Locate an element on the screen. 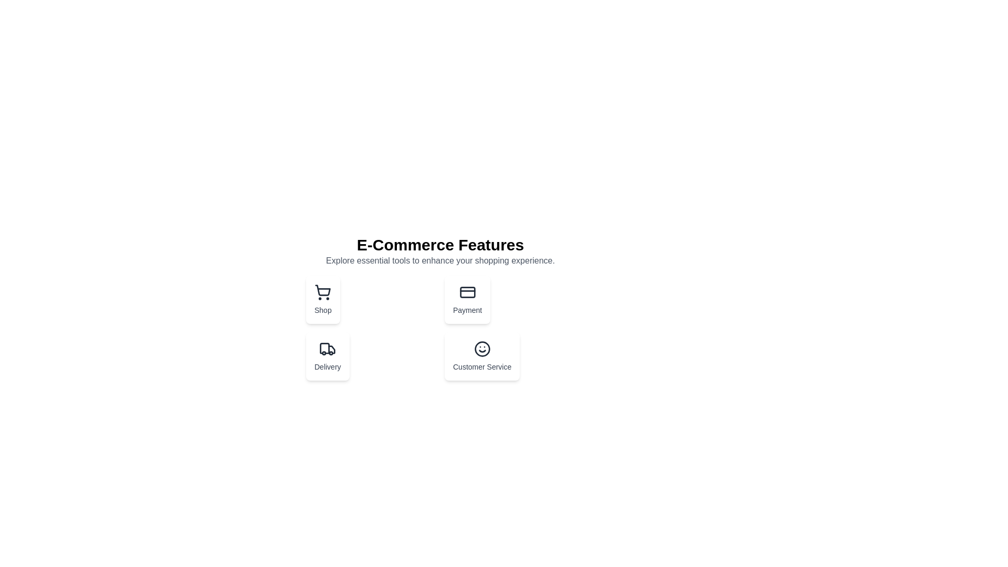 This screenshot has width=1008, height=567. the clickable card located in the bottom-right corner of the e-commerce feature card grid is located at coordinates (481, 355).